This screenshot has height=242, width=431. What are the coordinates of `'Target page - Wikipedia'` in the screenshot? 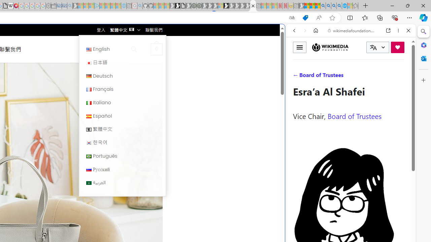 It's located at (11, 6).